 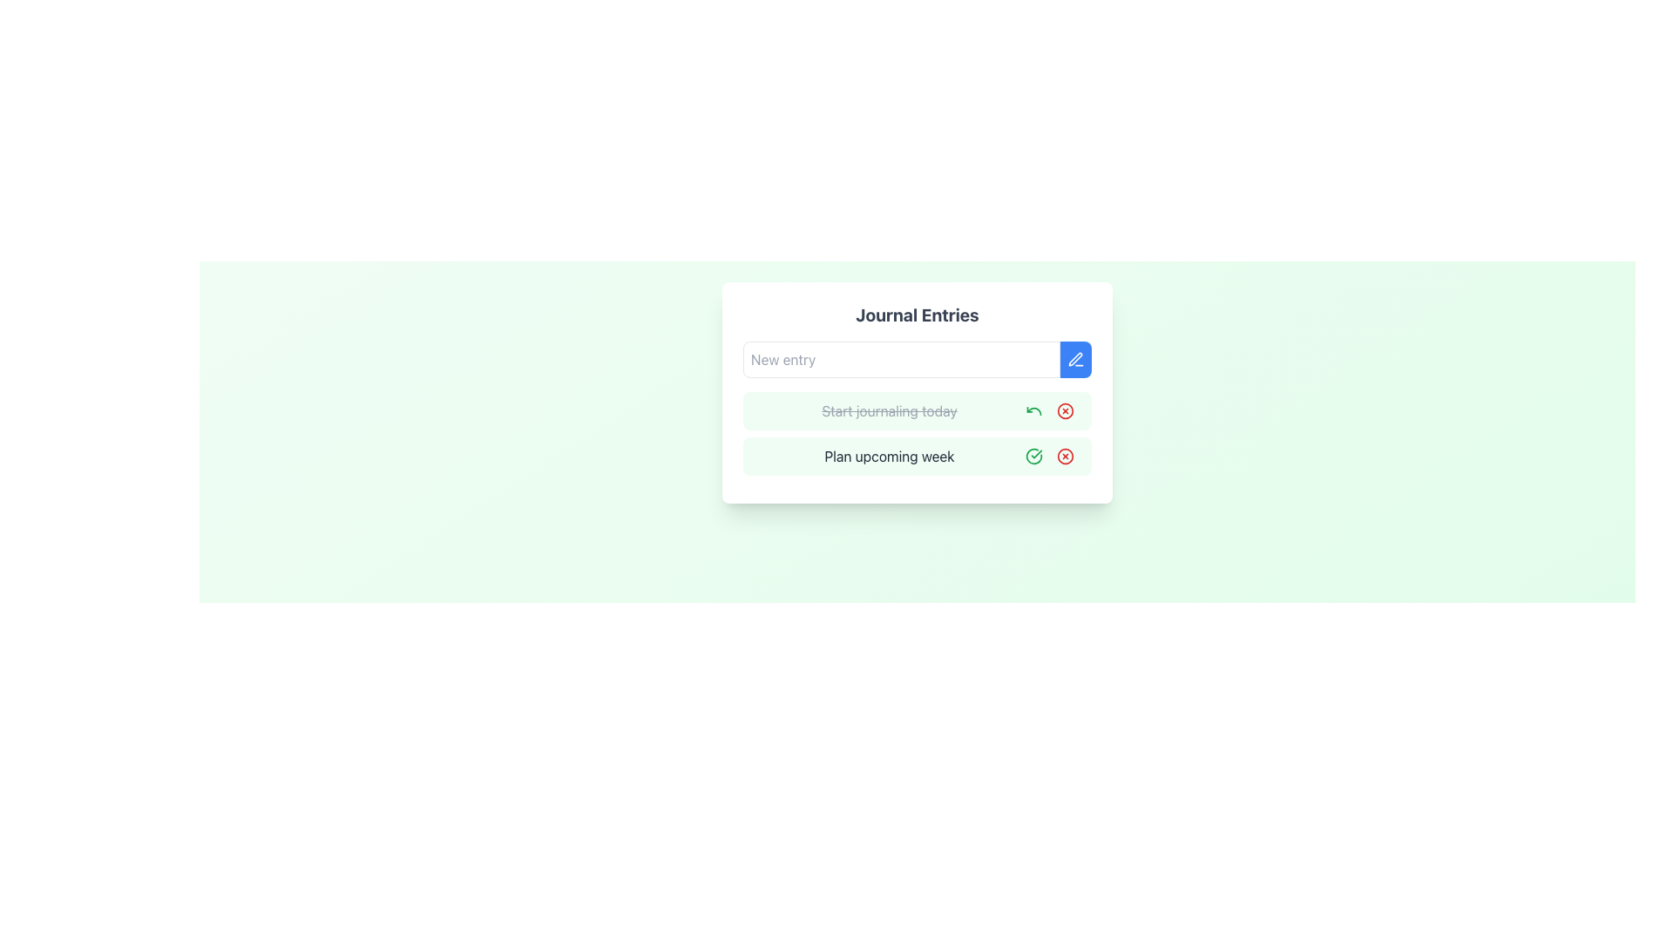 What do you see at coordinates (1033, 456) in the screenshot?
I see `the green circular icon with a checkmark located to the right of the 'Plan upcoming week' task description to trigger a tooltip` at bounding box center [1033, 456].